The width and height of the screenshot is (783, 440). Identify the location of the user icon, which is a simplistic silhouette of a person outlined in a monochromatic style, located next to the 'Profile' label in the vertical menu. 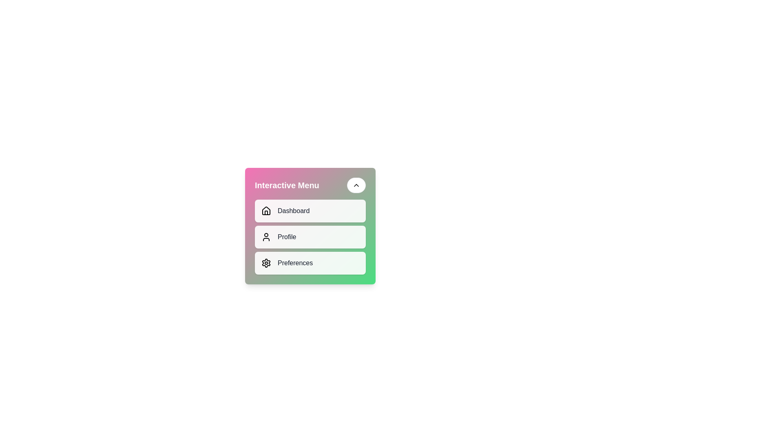
(266, 237).